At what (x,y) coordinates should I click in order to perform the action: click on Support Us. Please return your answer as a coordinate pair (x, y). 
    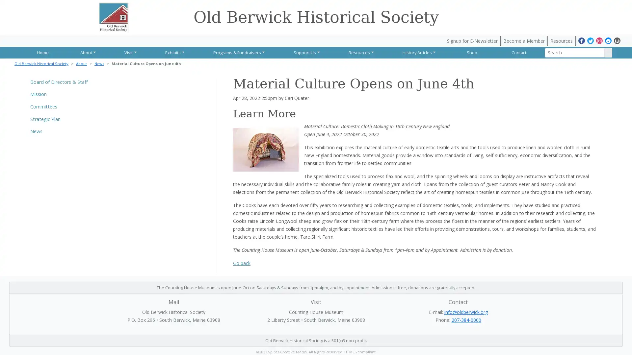
    Looking at the image, I should click on (305, 52).